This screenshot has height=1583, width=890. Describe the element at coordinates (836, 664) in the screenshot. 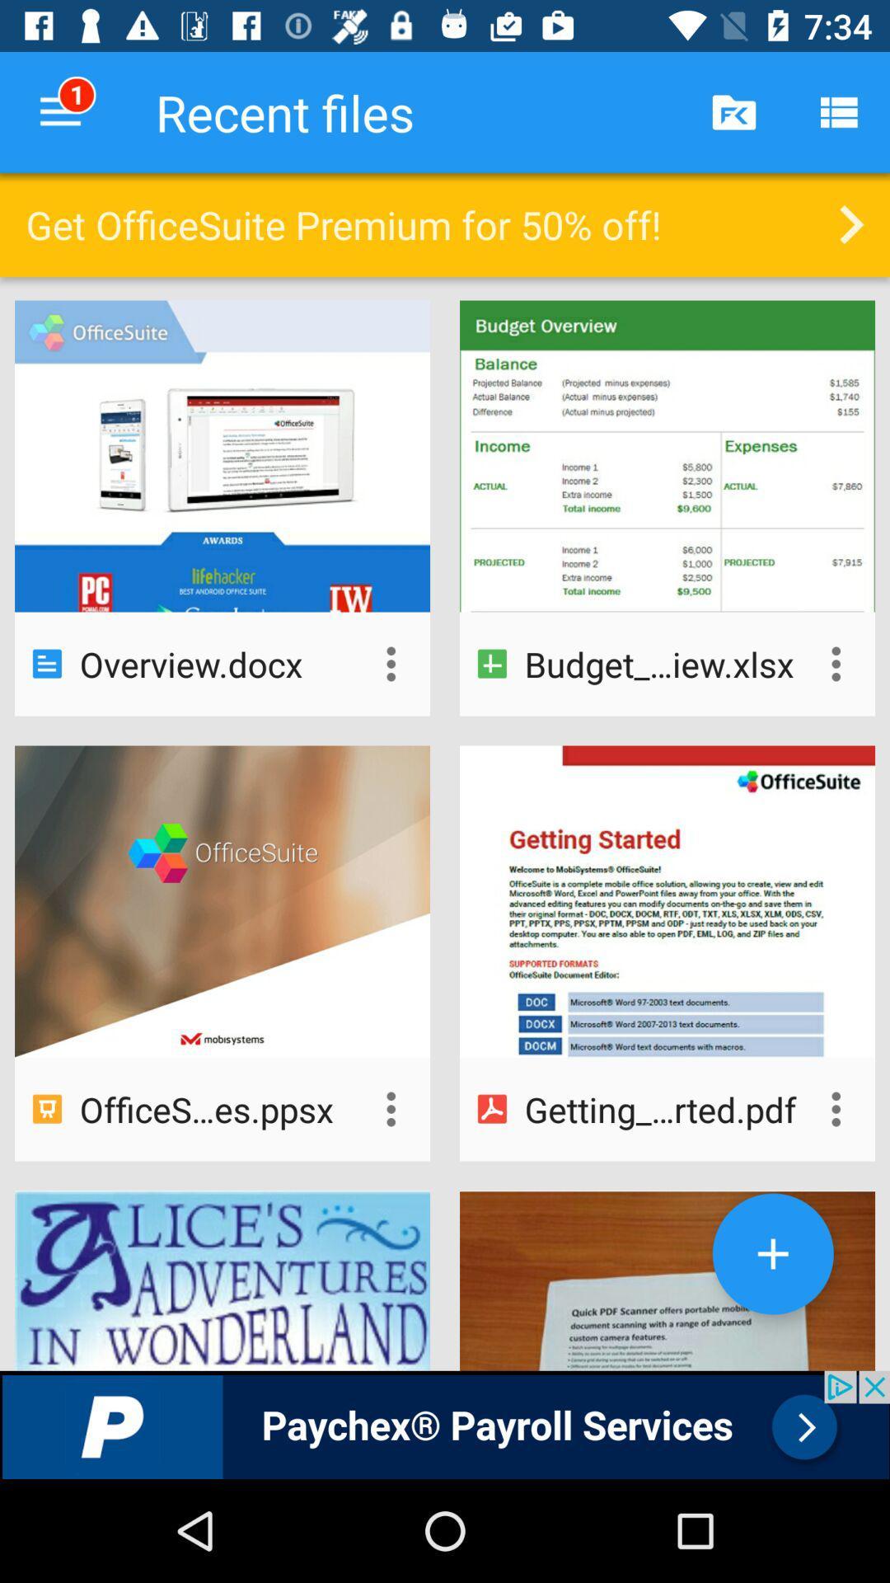

I see `display options` at that location.